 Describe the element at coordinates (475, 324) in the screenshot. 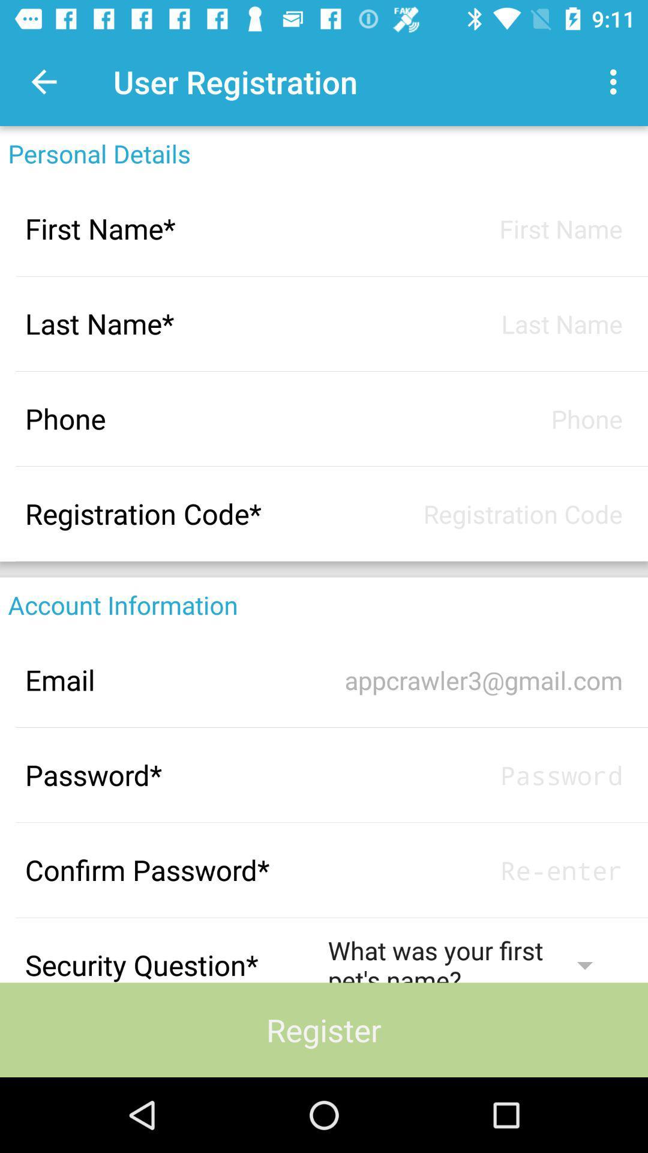

I see `last name` at that location.